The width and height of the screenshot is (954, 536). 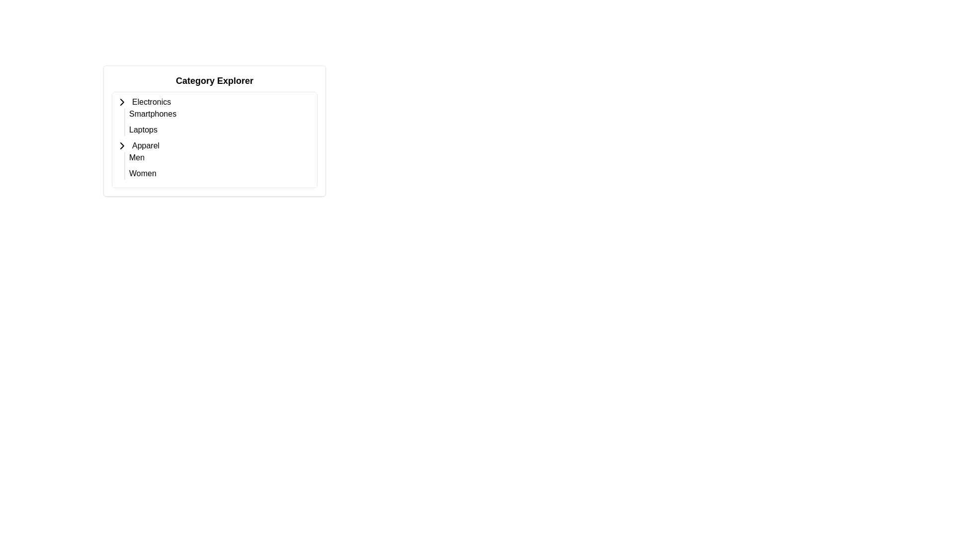 I want to click on the 'Laptops' category text label, which is the third item under the 'Electronics' category in the hierarchical list, so click(x=143, y=130).